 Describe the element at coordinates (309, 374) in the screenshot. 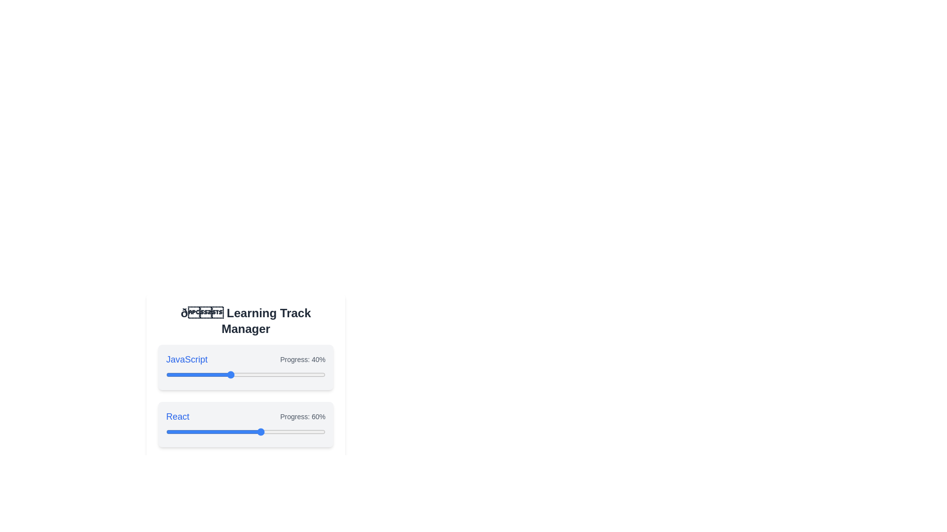

I see `the progress for 'JavaScript' track` at that location.